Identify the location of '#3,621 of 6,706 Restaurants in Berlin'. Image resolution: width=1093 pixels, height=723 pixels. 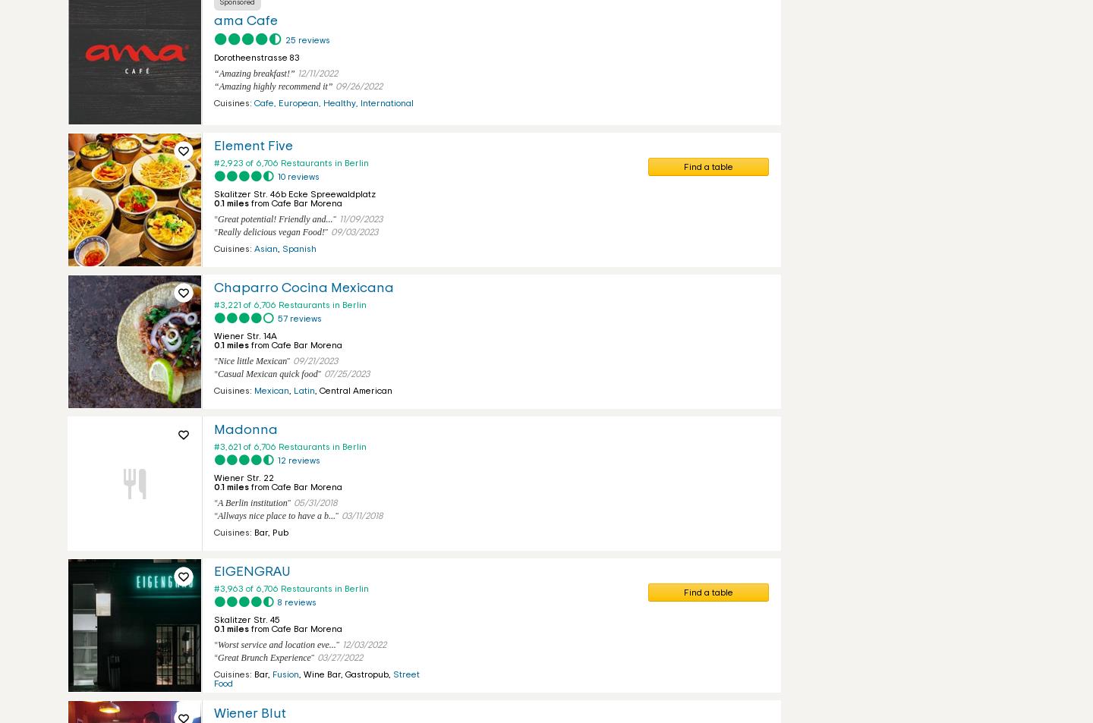
(213, 446).